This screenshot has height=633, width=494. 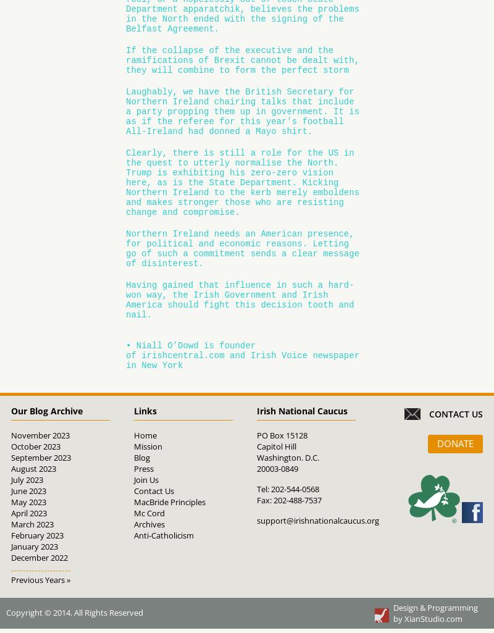 I want to click on 'July 2023', so click(x=25, y=479).